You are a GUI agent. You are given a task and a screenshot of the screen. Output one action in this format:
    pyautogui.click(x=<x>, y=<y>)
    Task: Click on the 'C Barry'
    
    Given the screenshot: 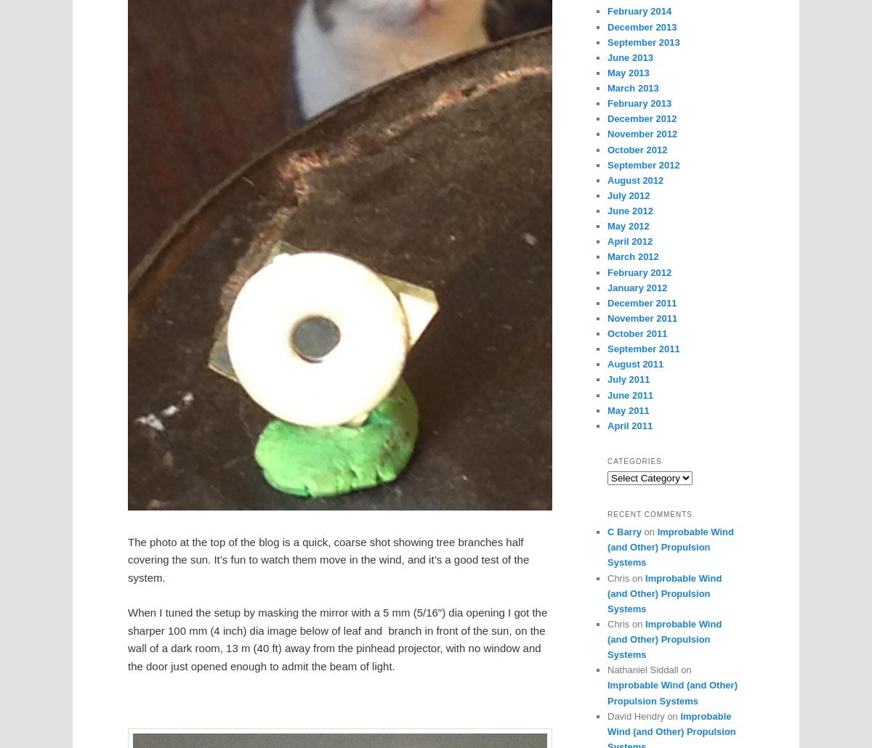 What is the action you would take?
    pyautogui.click(x=623, y=532)
    